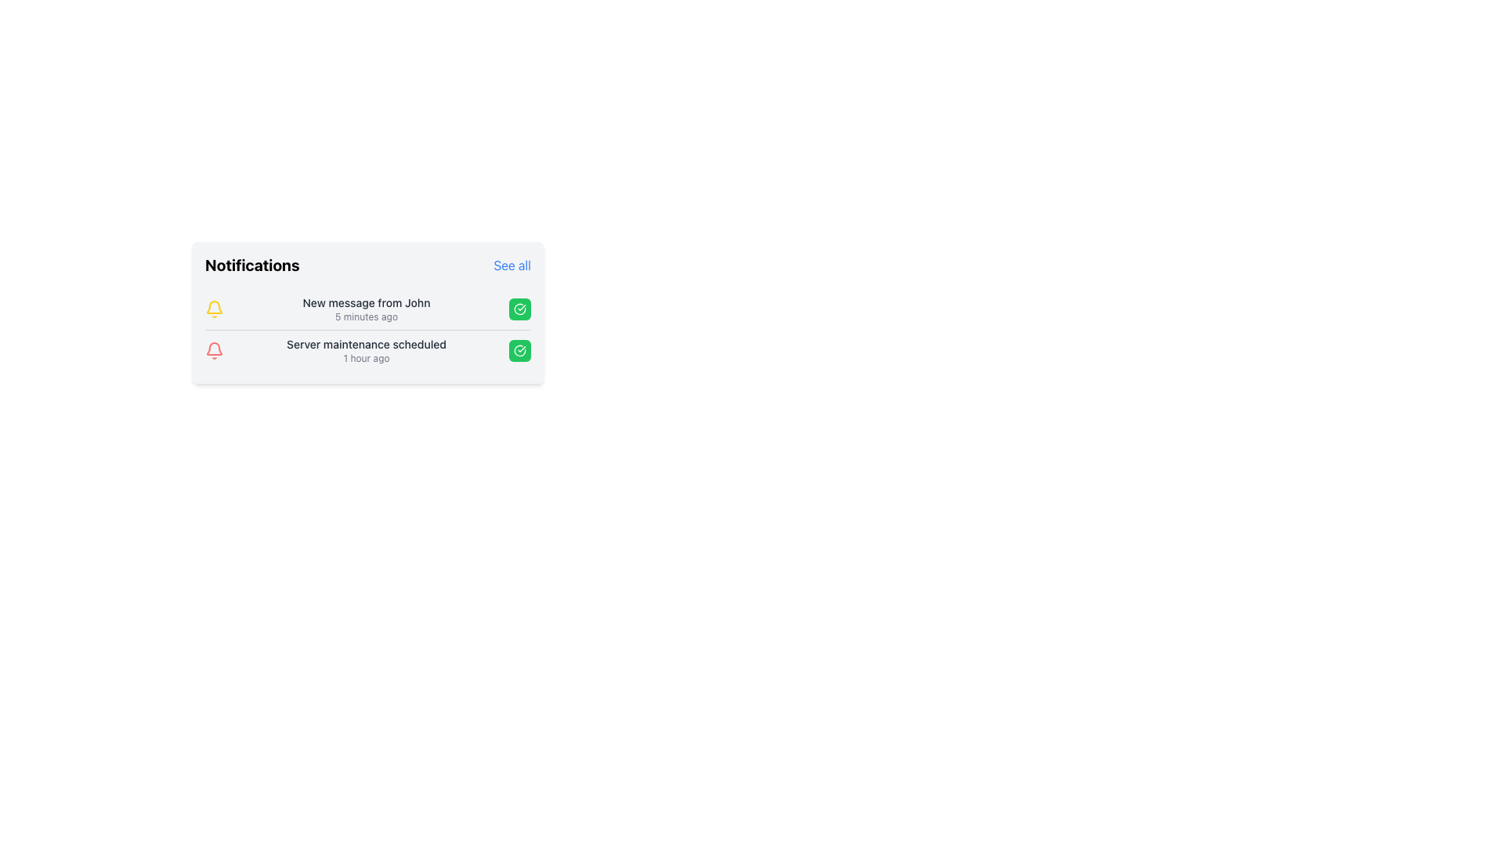 This screenshot has height=846, width=1504. I want to click on the small red bell icon, so click(213, 349).